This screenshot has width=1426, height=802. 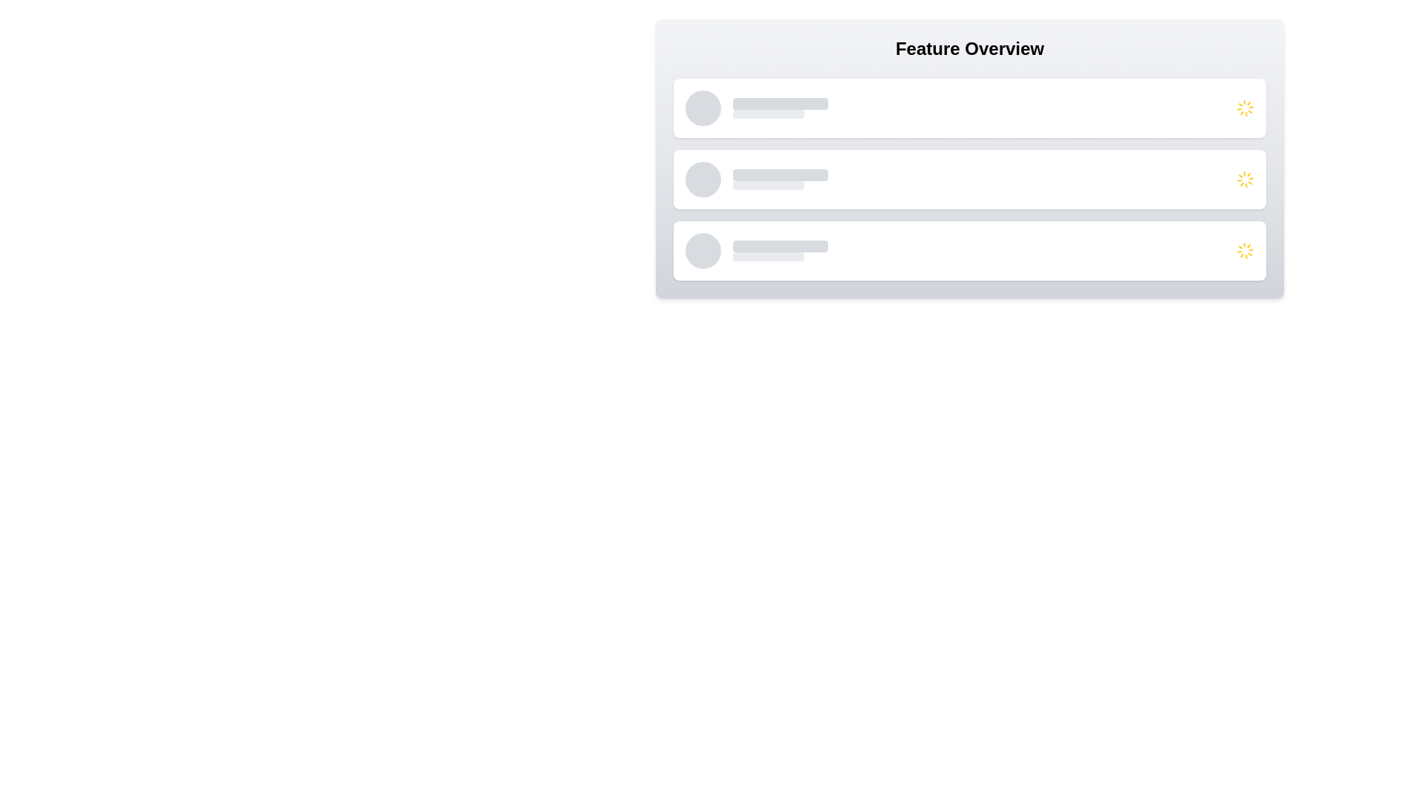 I want to click on the third visible loading indicator in the vertical list of outlined cards, which features a light gray bar with rounded edges, so click(x=984, y=250).